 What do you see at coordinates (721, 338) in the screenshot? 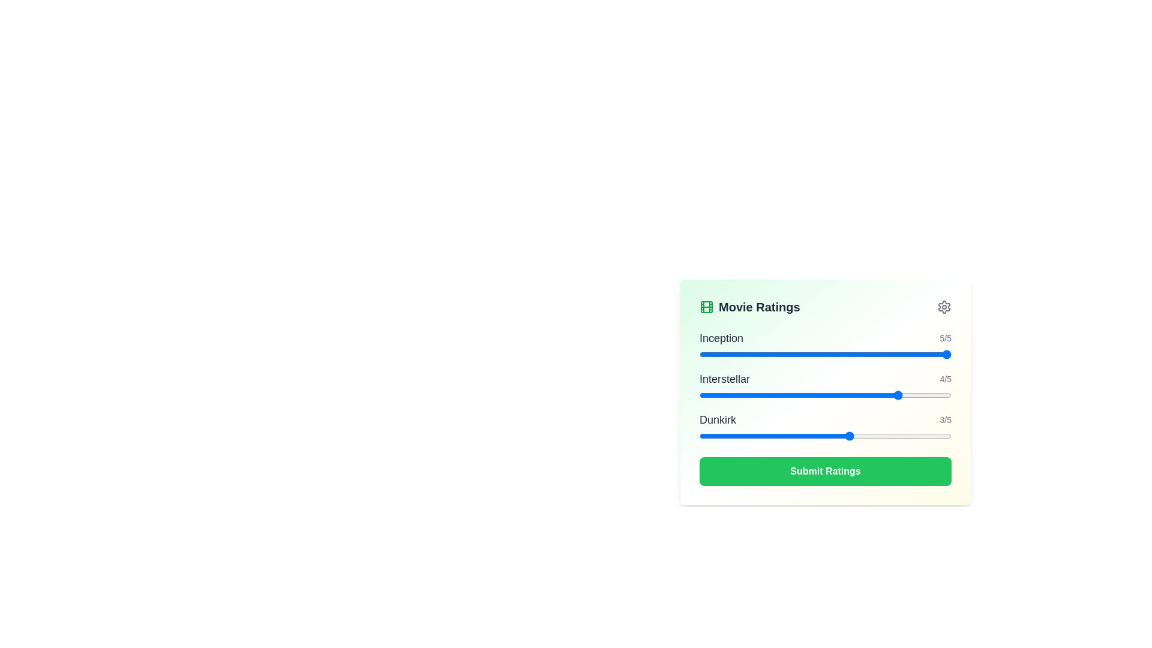
I see `the text label displaying the movie name 'Inception' within the 'Movie Ratings' card` at bounding box center [721, 338].